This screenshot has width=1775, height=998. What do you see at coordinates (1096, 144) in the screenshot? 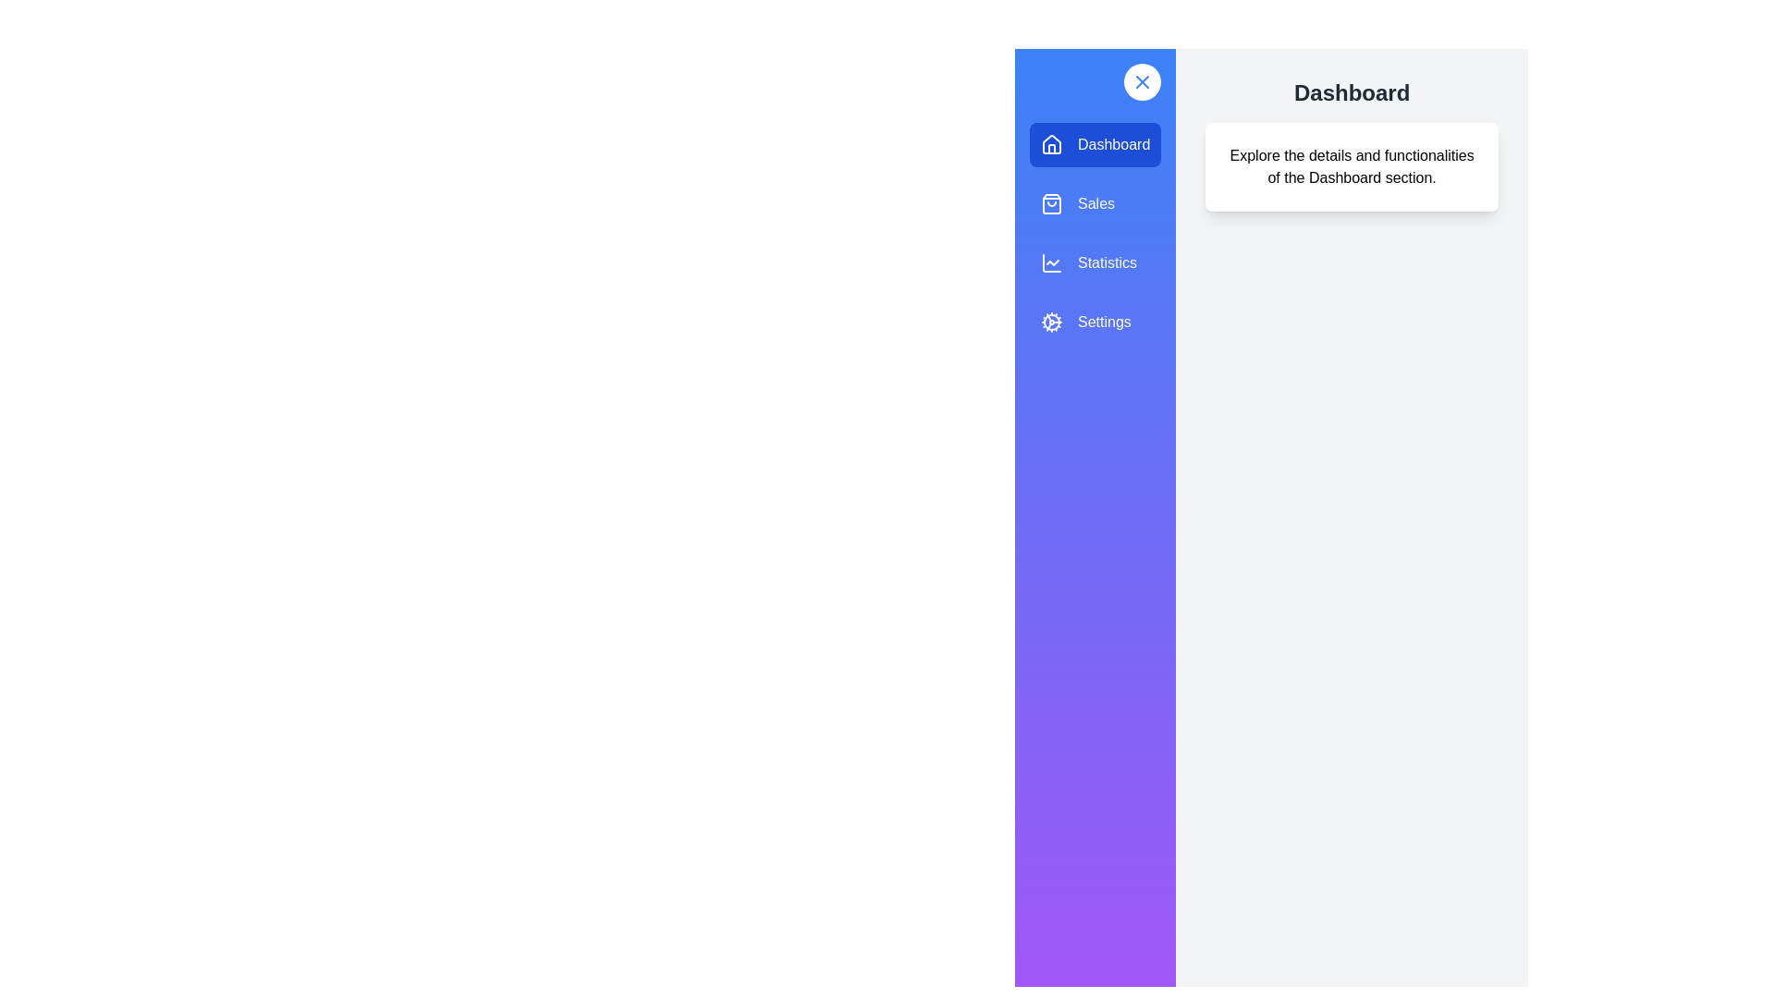
I see `the menu item labeled 'Dashboard' to view its hover effect` at bounding box center [1096, 144].